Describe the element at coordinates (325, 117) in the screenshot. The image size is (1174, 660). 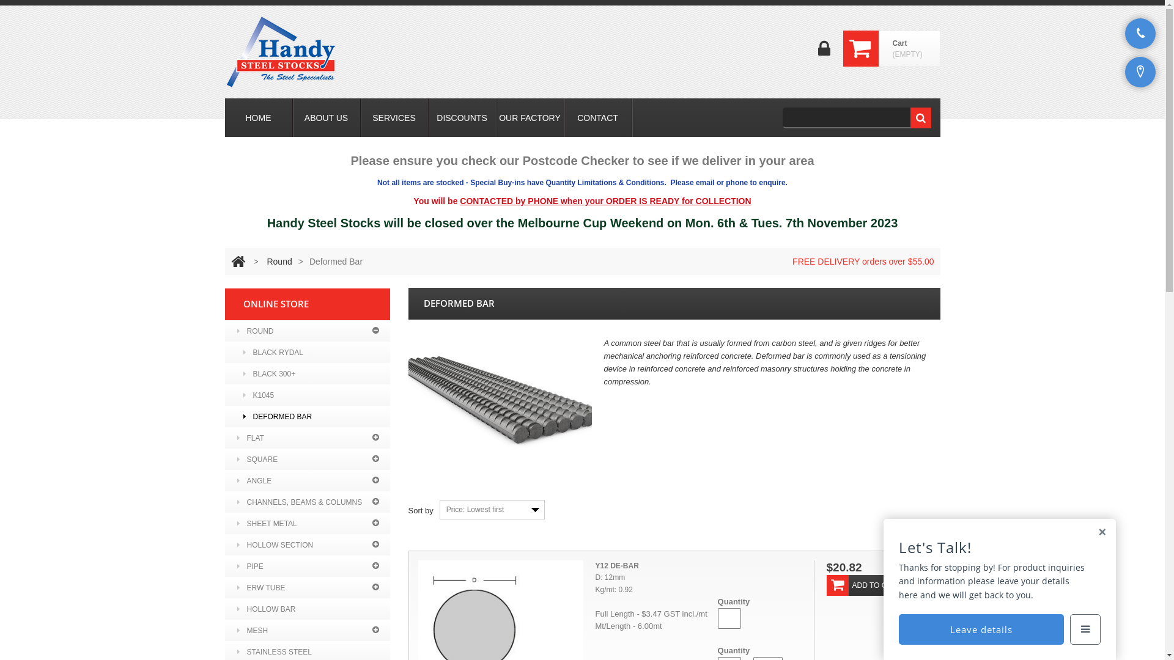
I see `'ABOUT US'` at that location.